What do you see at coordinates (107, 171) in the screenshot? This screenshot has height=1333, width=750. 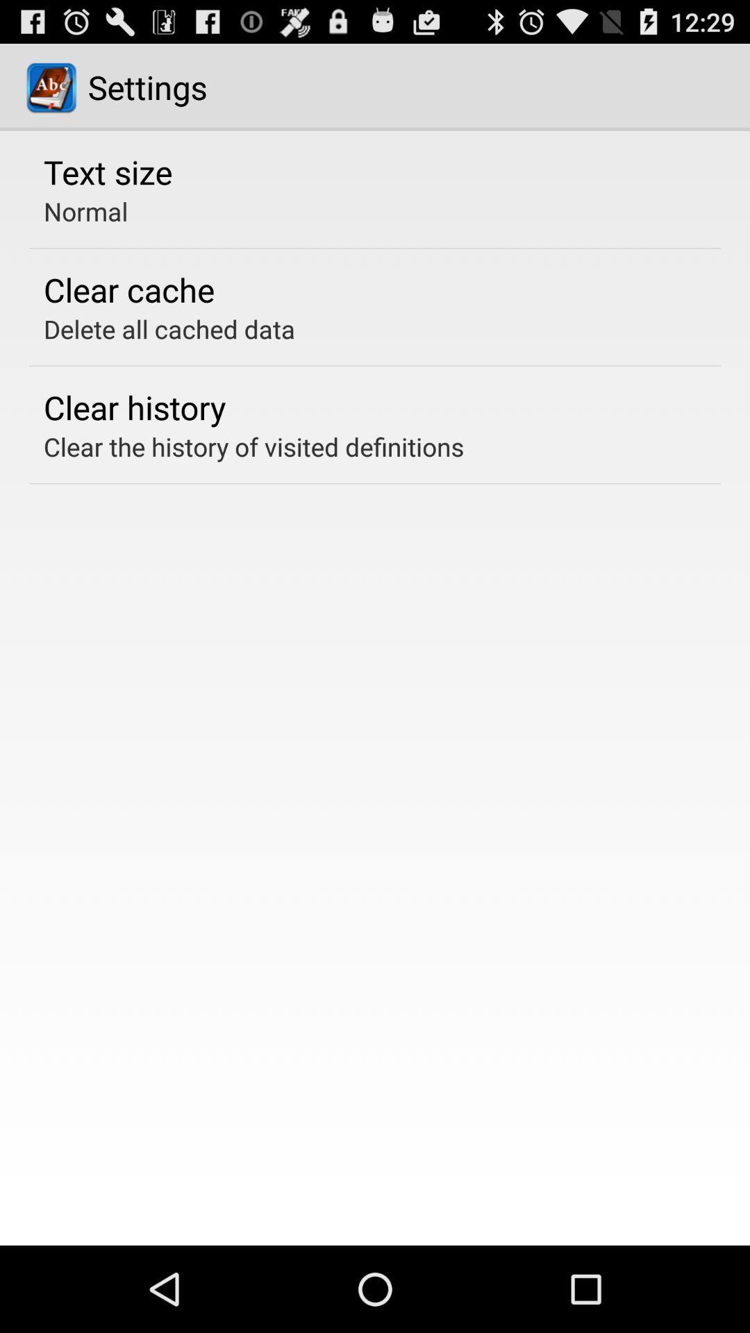 I see `the text size item` at bounding box center [107, 171].